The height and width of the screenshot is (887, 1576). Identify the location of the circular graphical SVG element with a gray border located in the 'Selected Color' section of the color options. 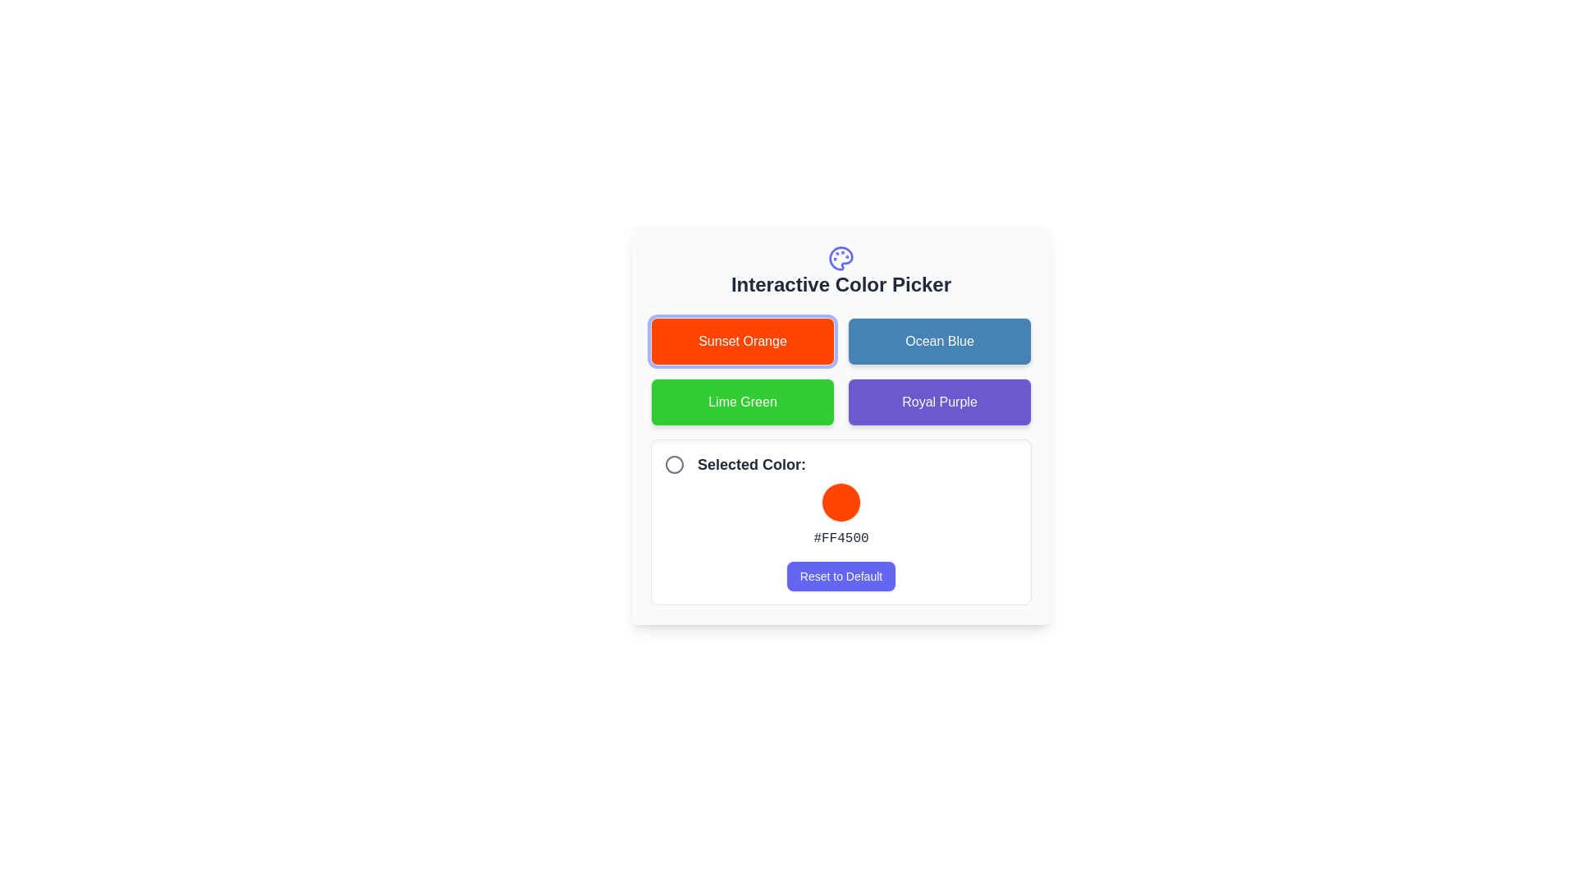
(674, 465).